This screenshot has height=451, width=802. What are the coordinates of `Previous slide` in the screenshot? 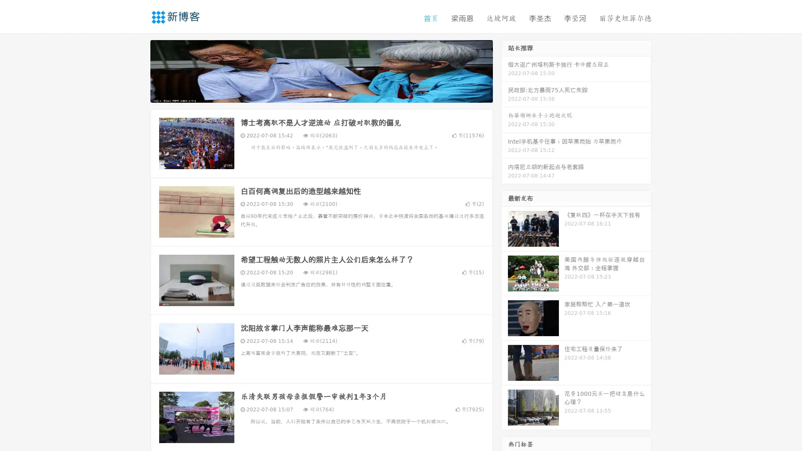 It's located at (138, 70).